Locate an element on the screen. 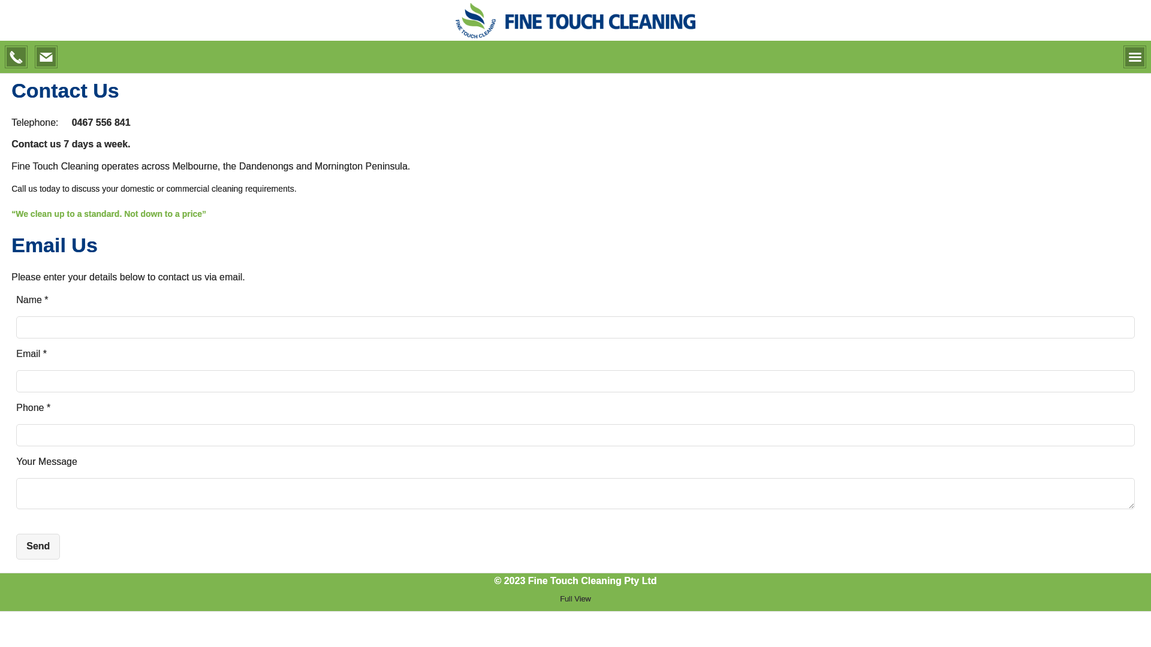 The height and width of the screenshot is (647, 1151). 'Send' is located at coordinates (38, 546).